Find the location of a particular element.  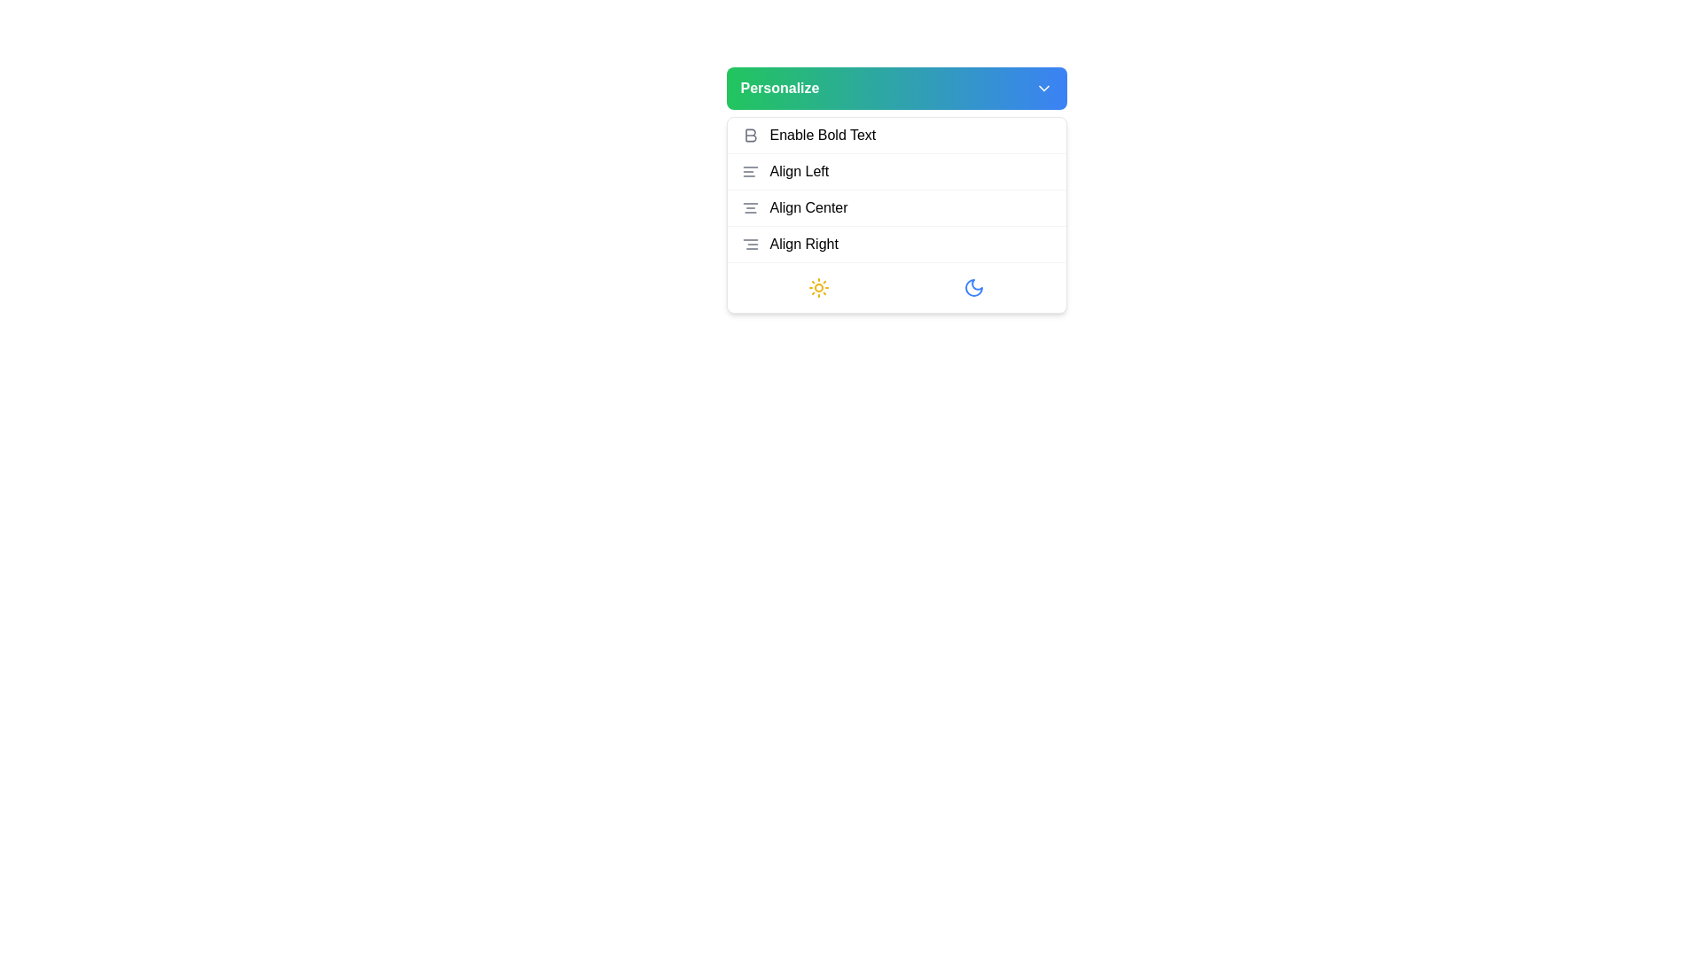

bold text toggle icon located to the left of the 'Enable Bold Text' label in the first row of the dropdown content is located at coordinates (750, 135).